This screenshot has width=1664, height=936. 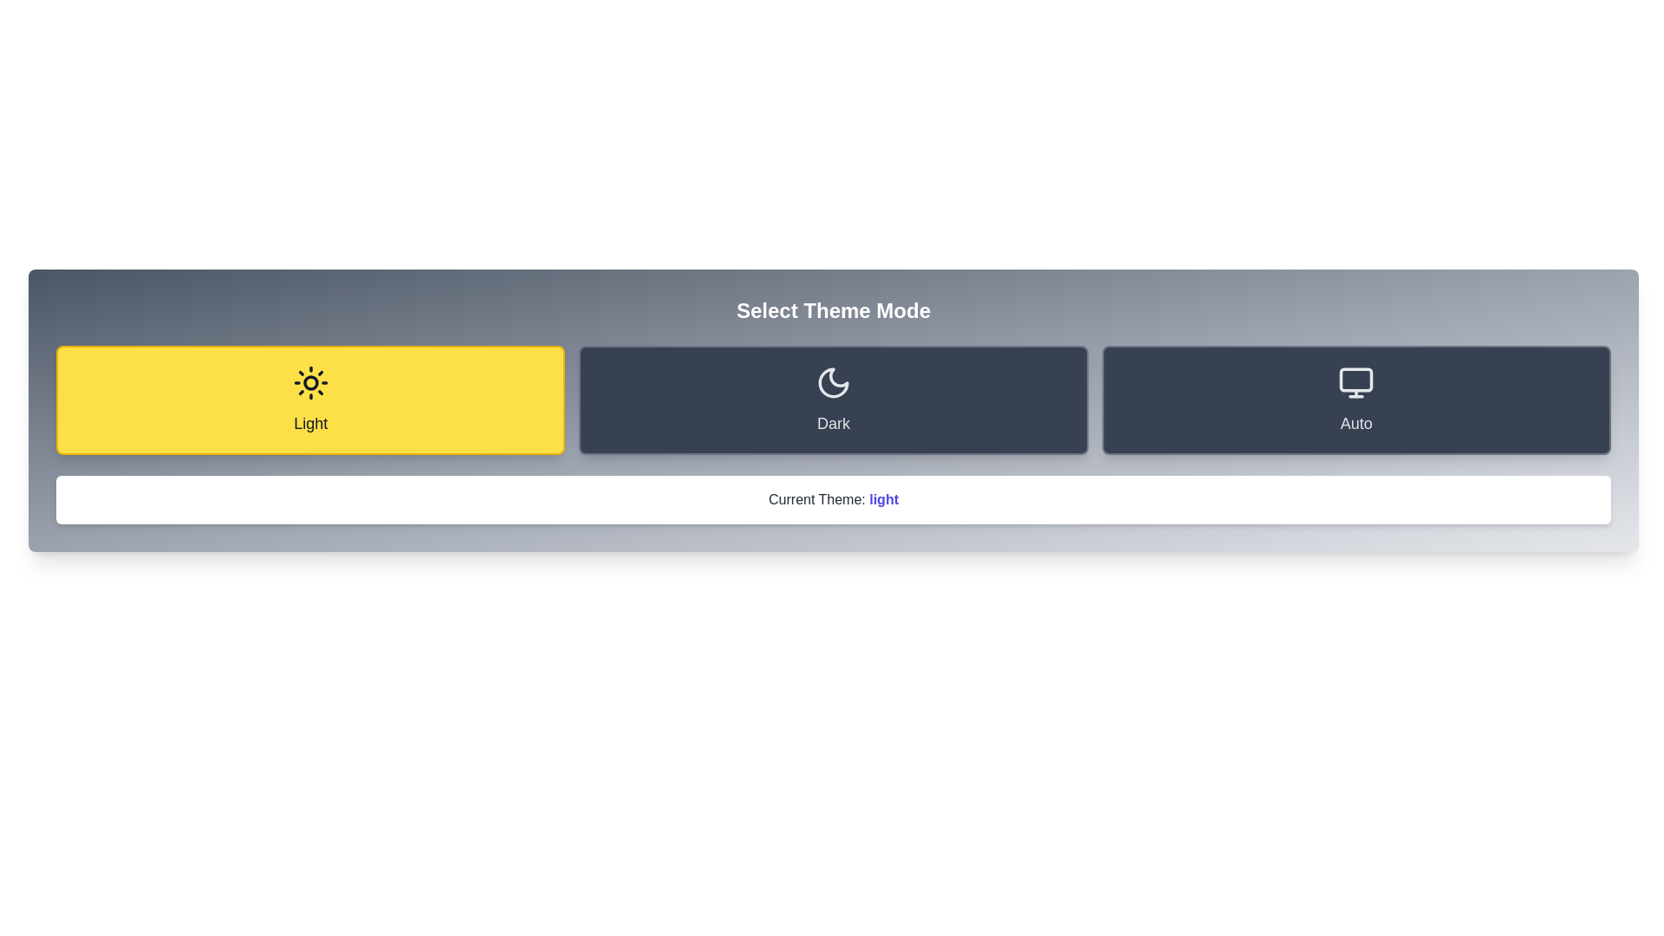 I want to click on the 'Auto' theme-setting icon, which is the rightmost option in the theme mode selection group, so click(x=1355, y=382).